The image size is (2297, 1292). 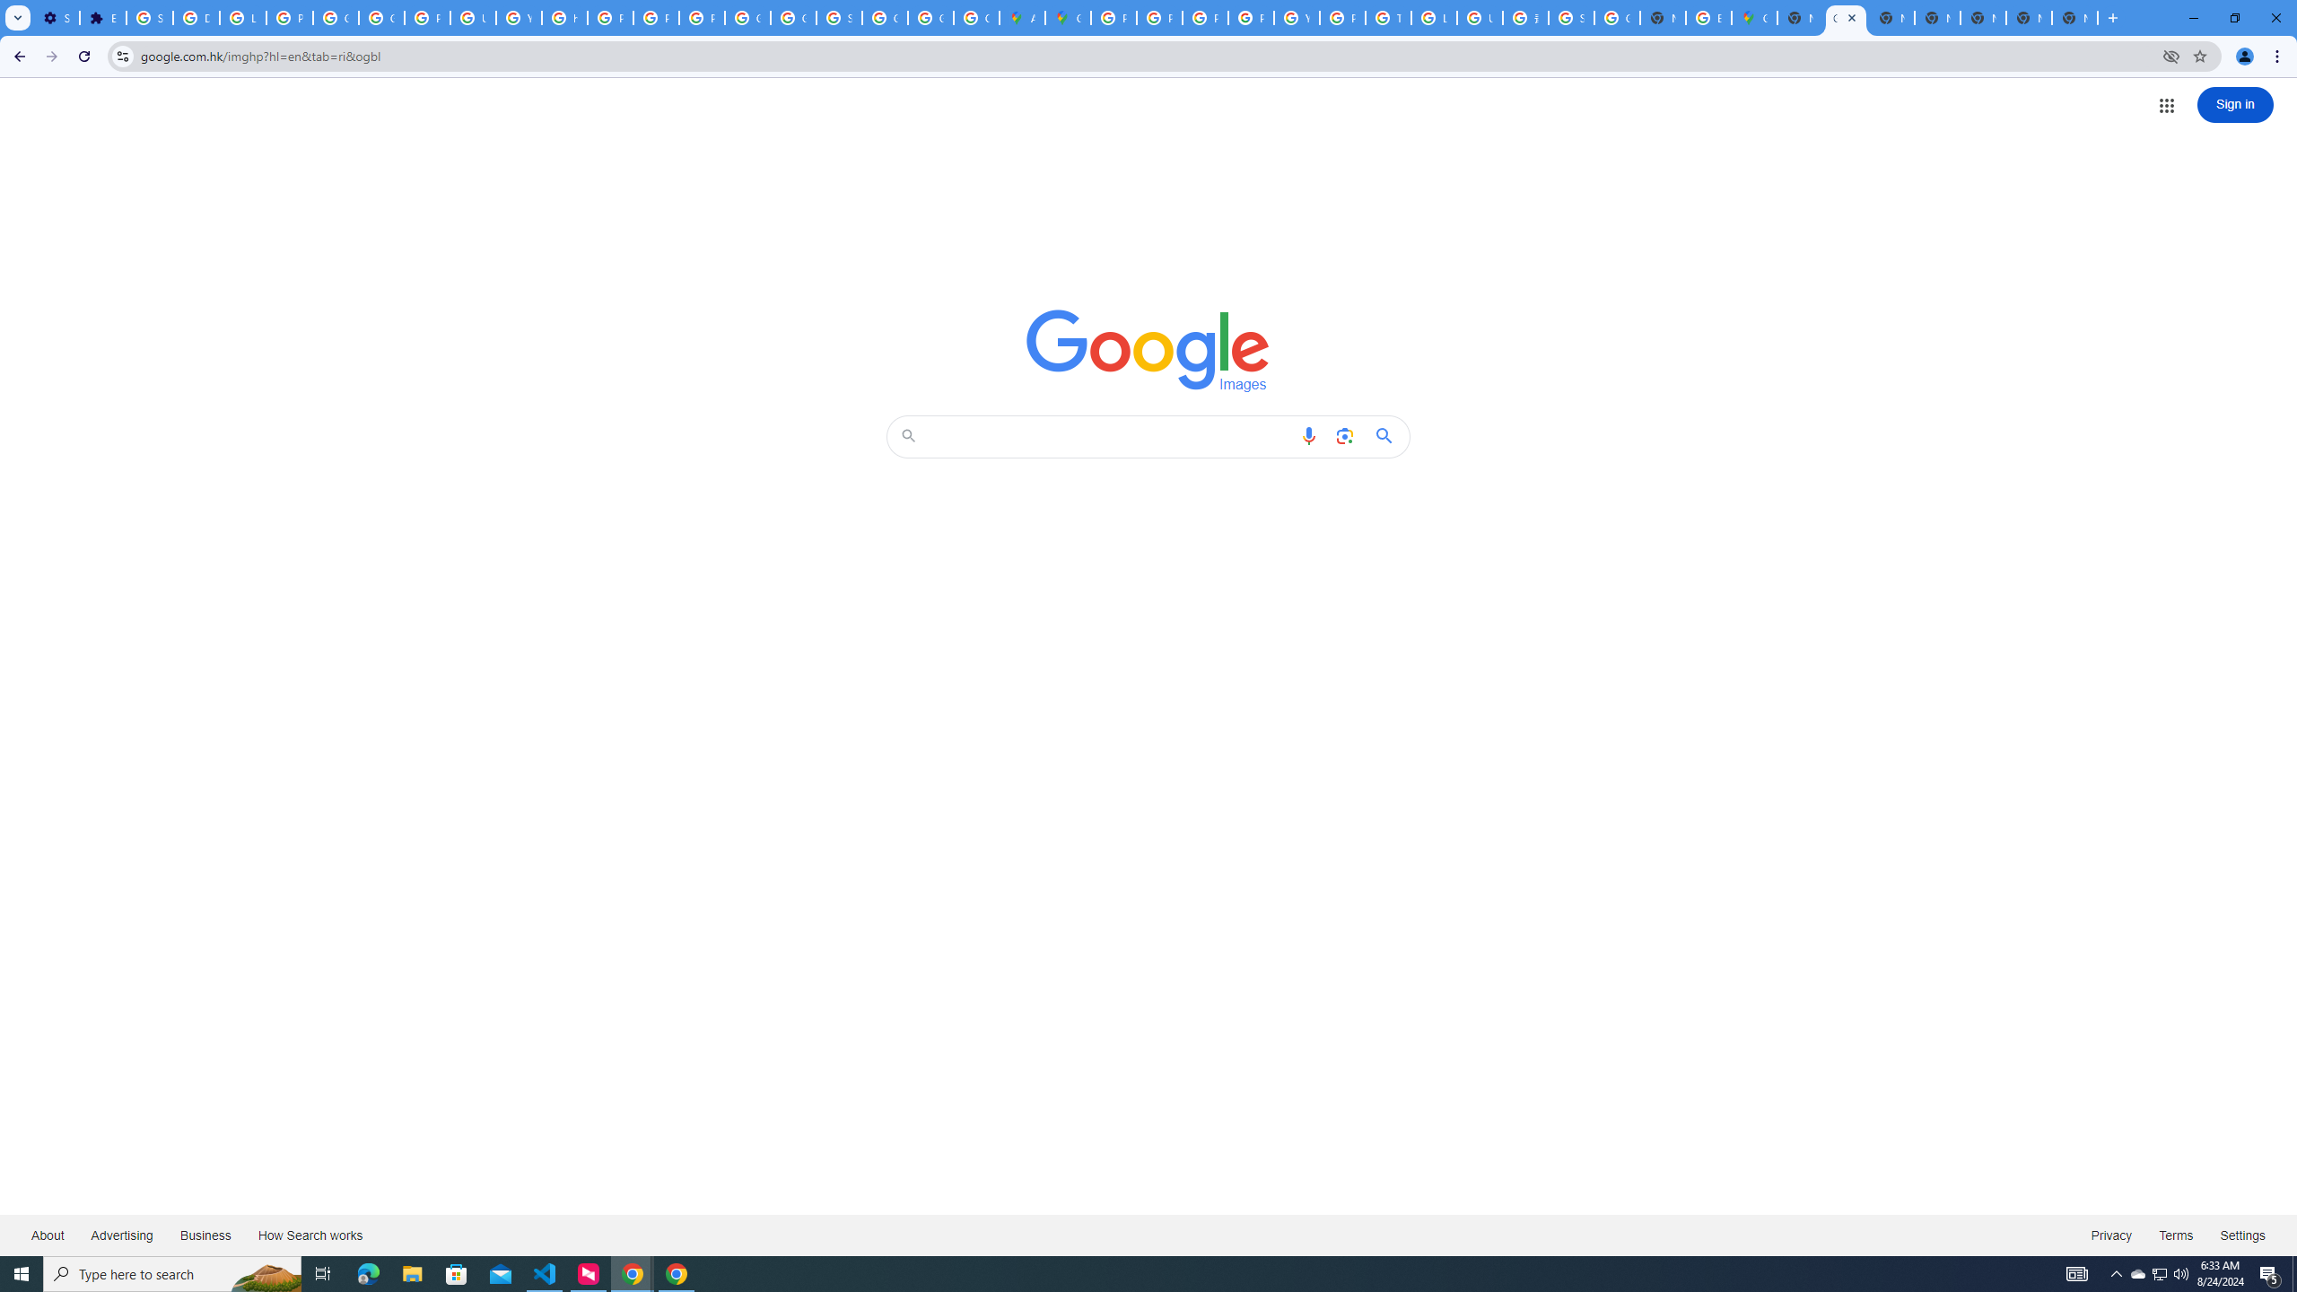 What do you see at coordinates (2241, 1234) in the screenshot?
I see `'Settings'` at bounding box center [2241, 1234].